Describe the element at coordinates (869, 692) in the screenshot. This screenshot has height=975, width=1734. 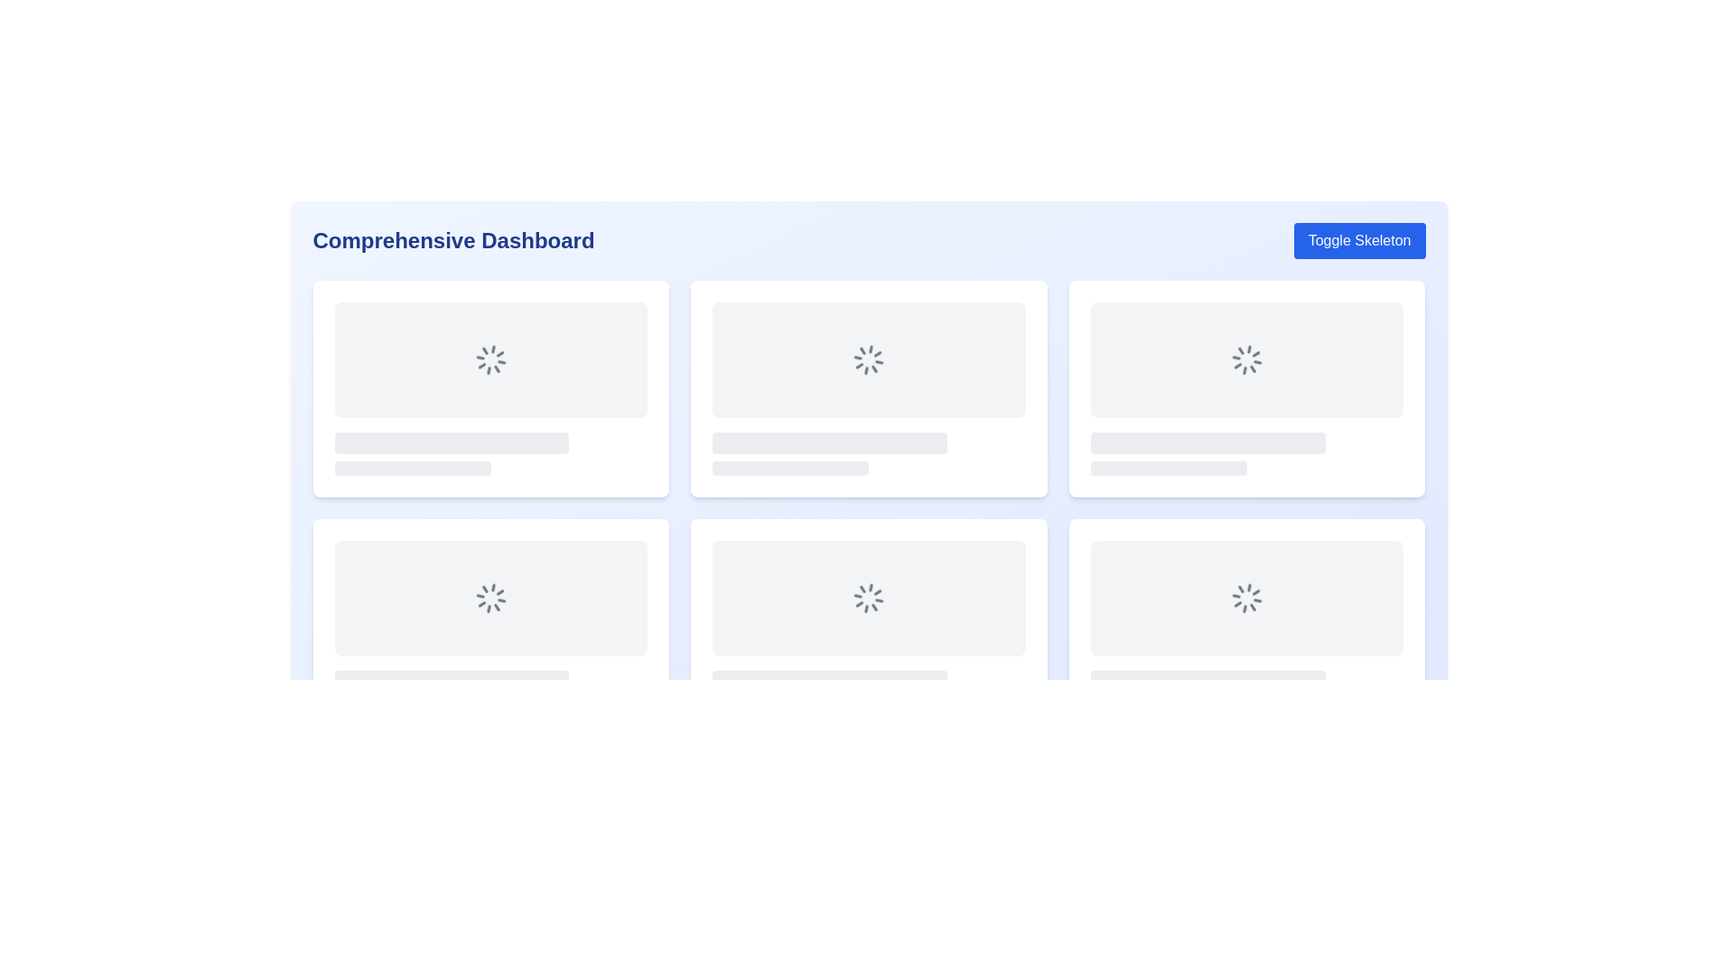
I see `the Skeleton loader (placeholder component) located at the bottom of a card structure, which indicates loading content` at that location.